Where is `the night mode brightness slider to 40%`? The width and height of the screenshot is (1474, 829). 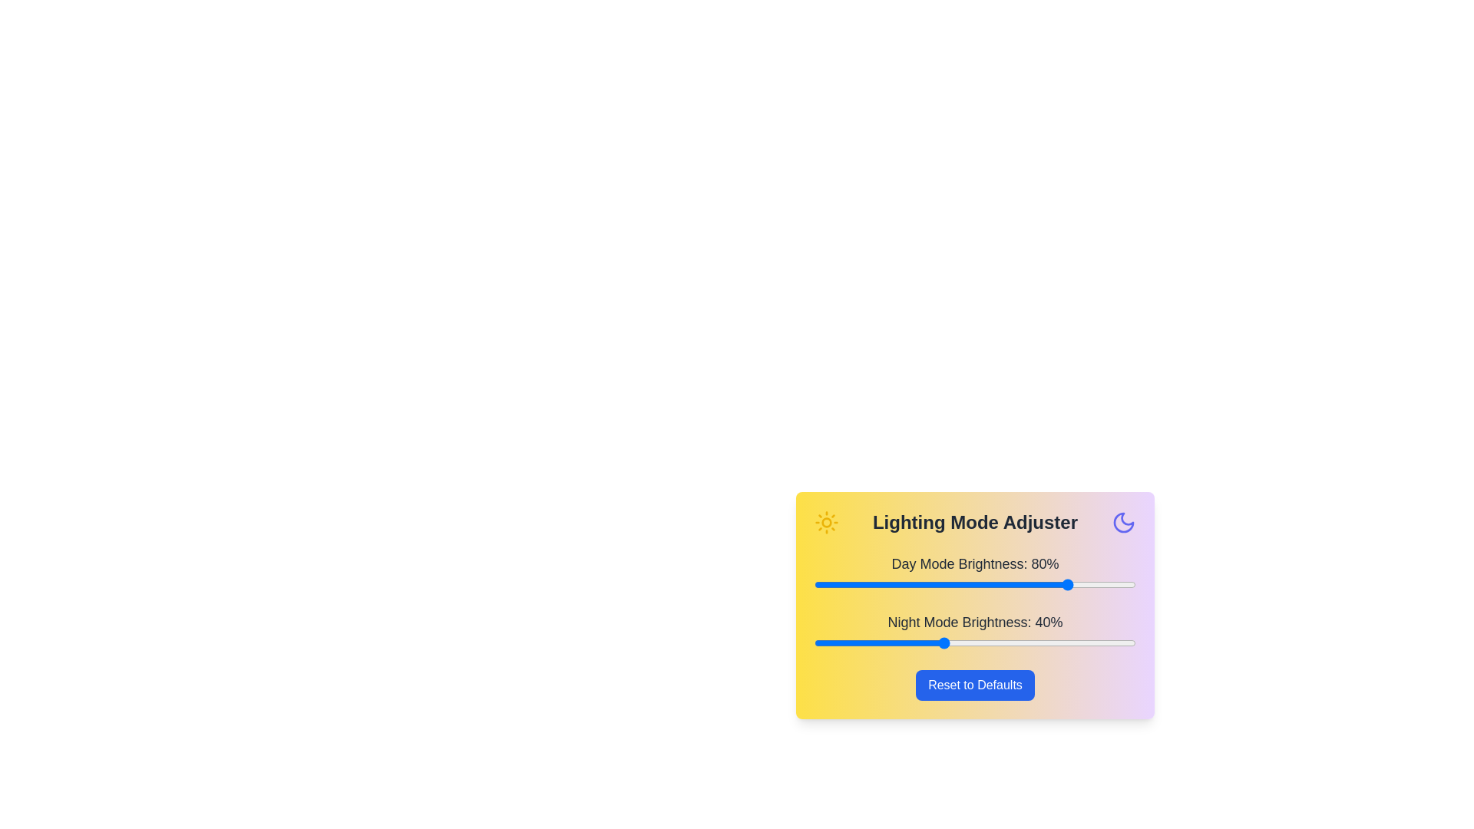
the night mode brightness slider to 40% is located at coordinates (942, 642).